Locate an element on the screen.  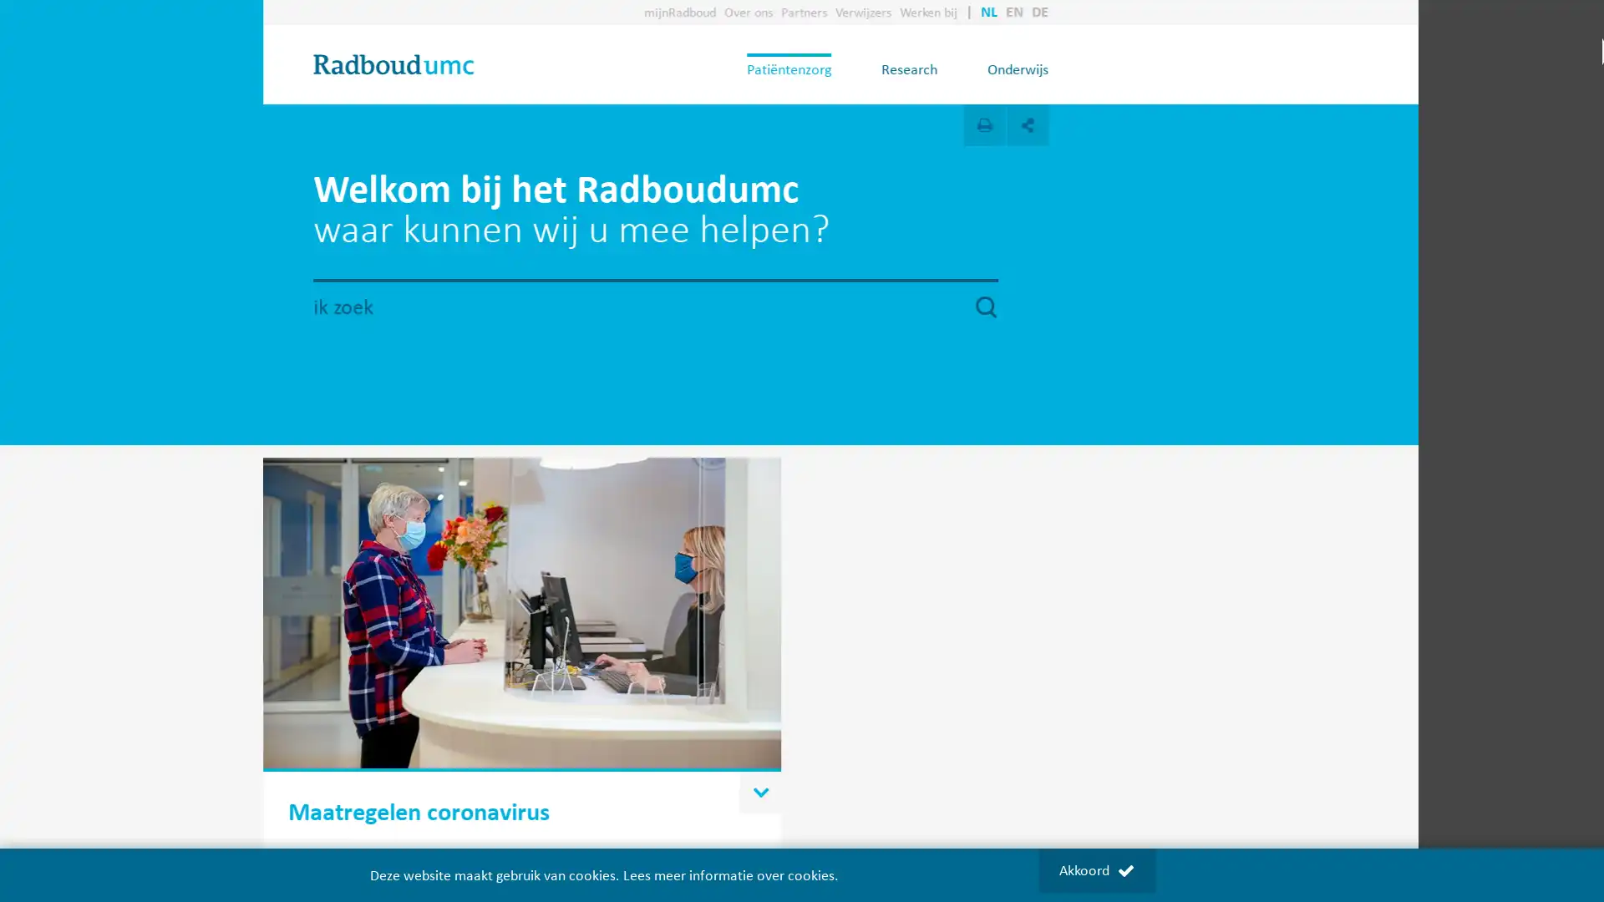
AkkoordW is located at coordinates (1095, 869).